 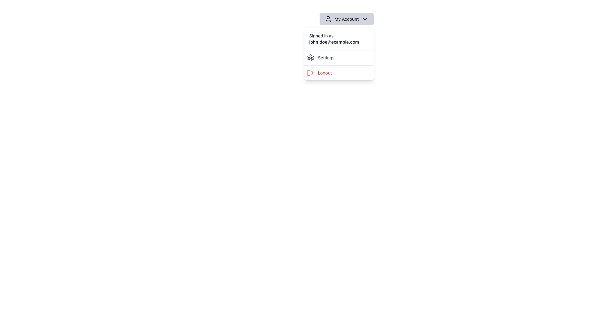 What do you see at coordinates (338, 58) in the screenshot?
I see `the second menu item located between 'Signed in as' and 'Logout', which navigates to the settings or configuration page` at bounding box center [338, 58].